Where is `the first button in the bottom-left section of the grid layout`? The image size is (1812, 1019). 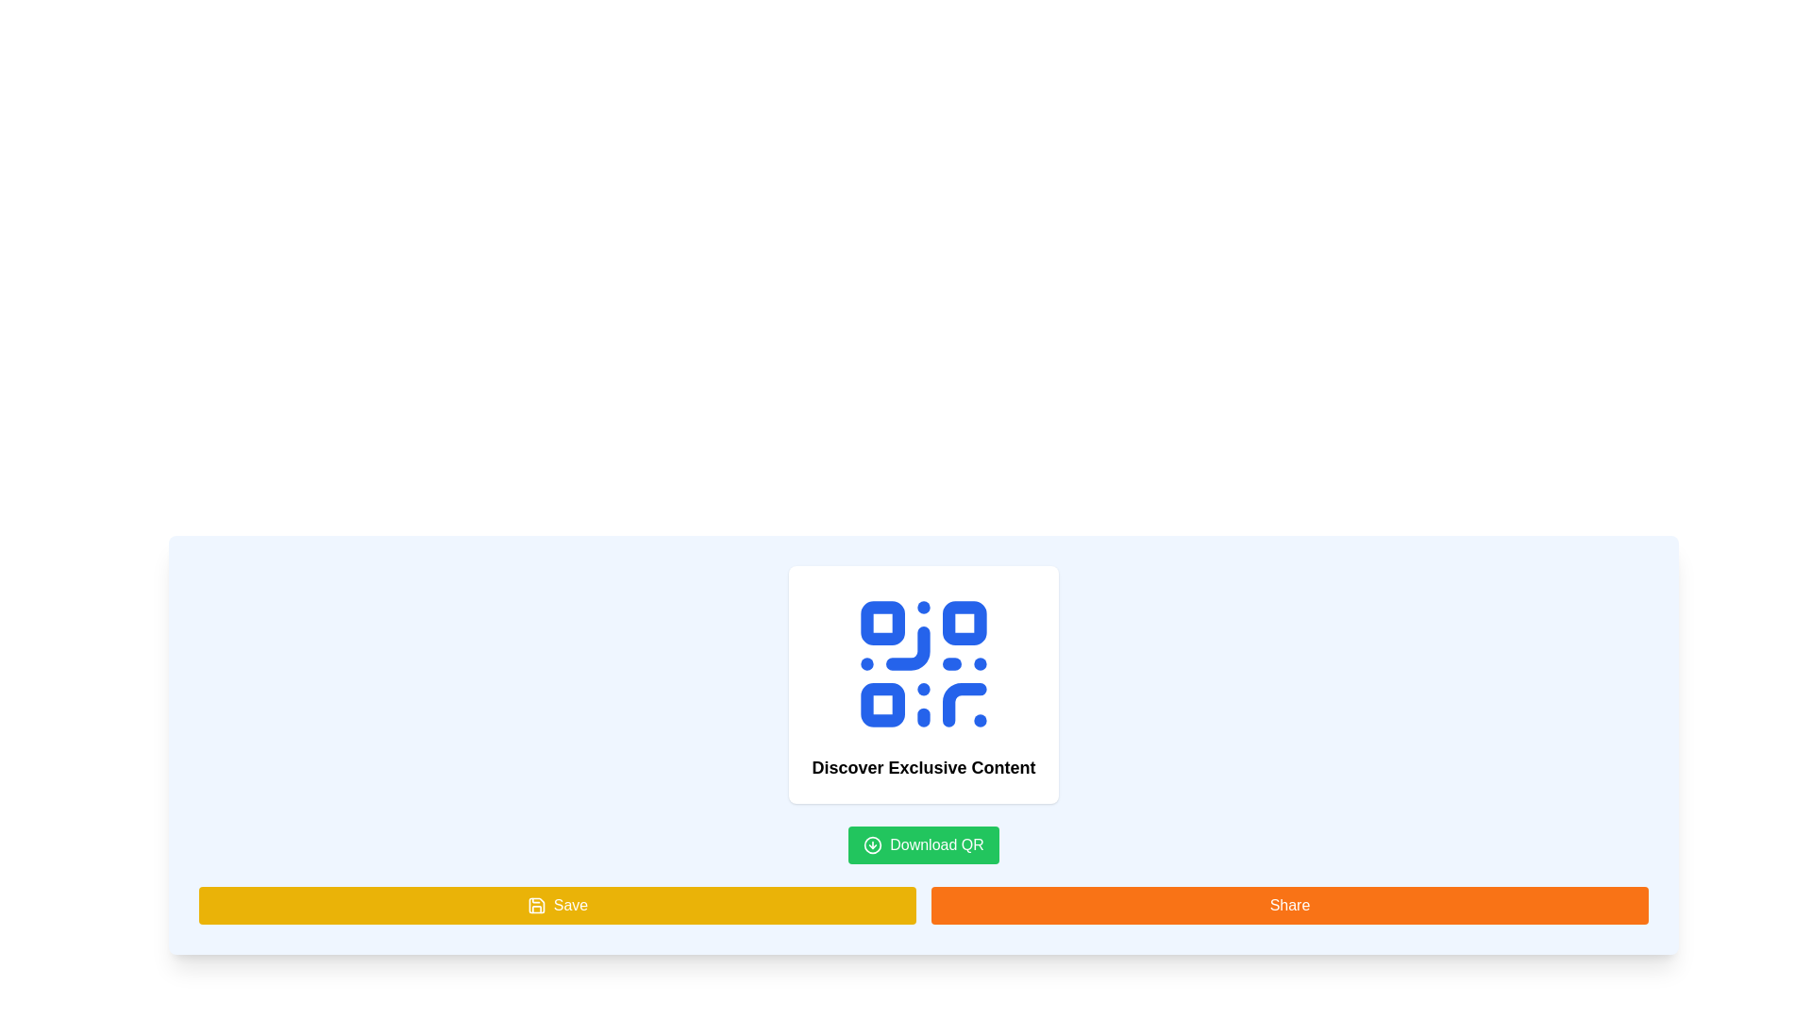
the first button in the bottom-left section of the grid layout is located at coordinates (556, 905).